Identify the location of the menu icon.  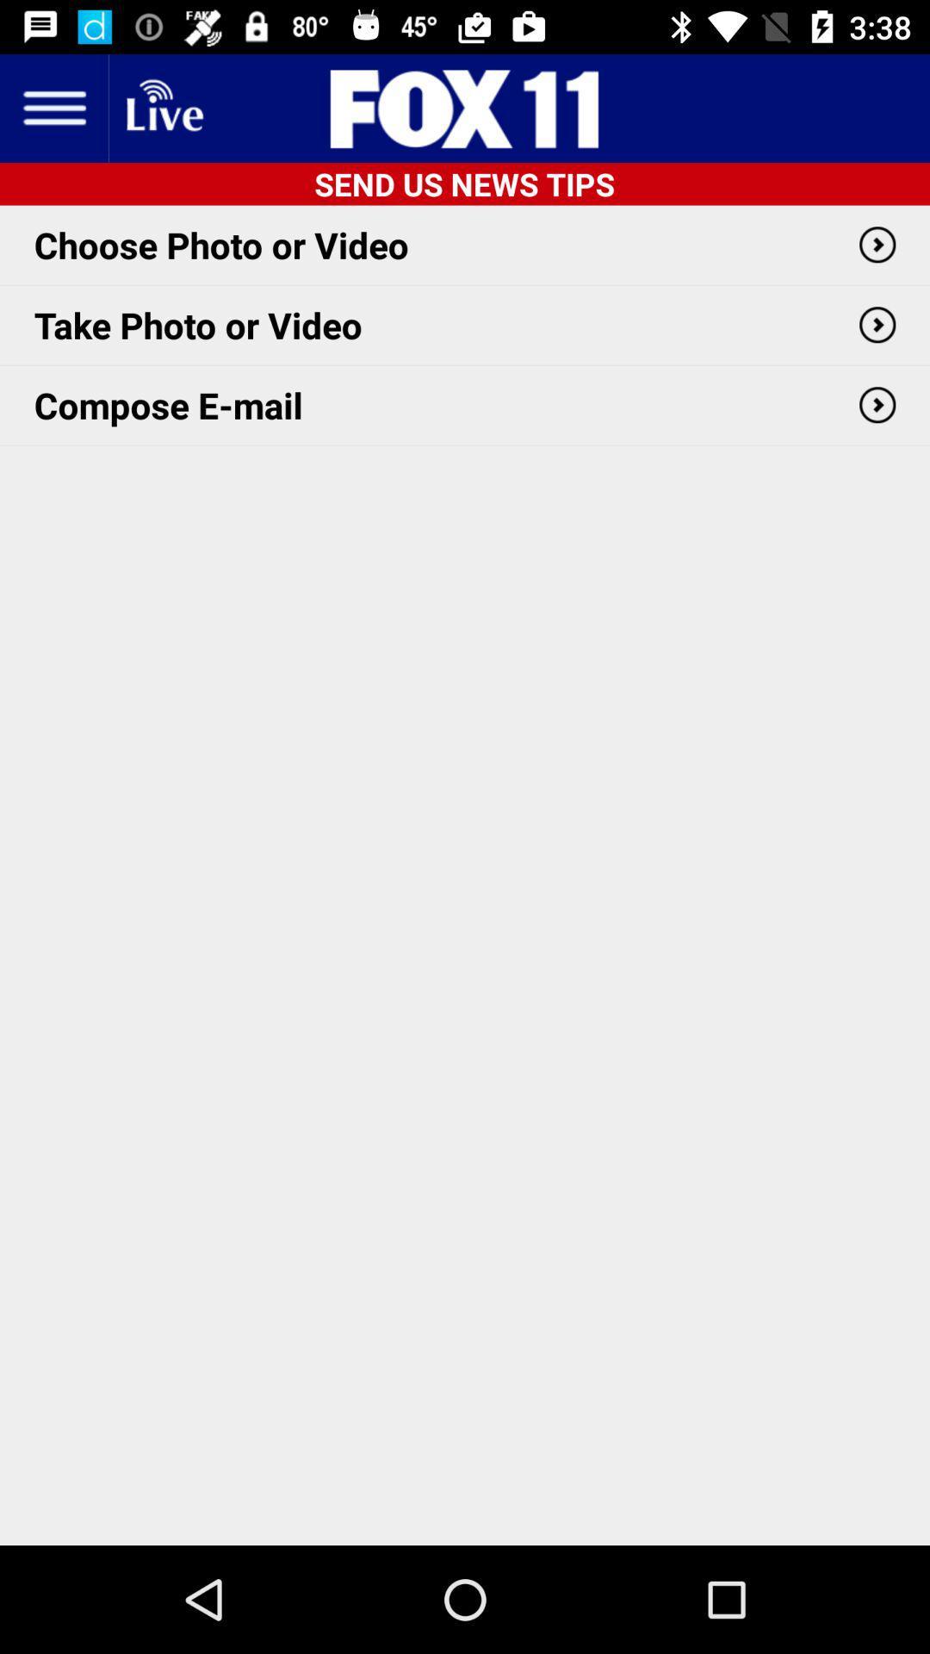
(53, 107).